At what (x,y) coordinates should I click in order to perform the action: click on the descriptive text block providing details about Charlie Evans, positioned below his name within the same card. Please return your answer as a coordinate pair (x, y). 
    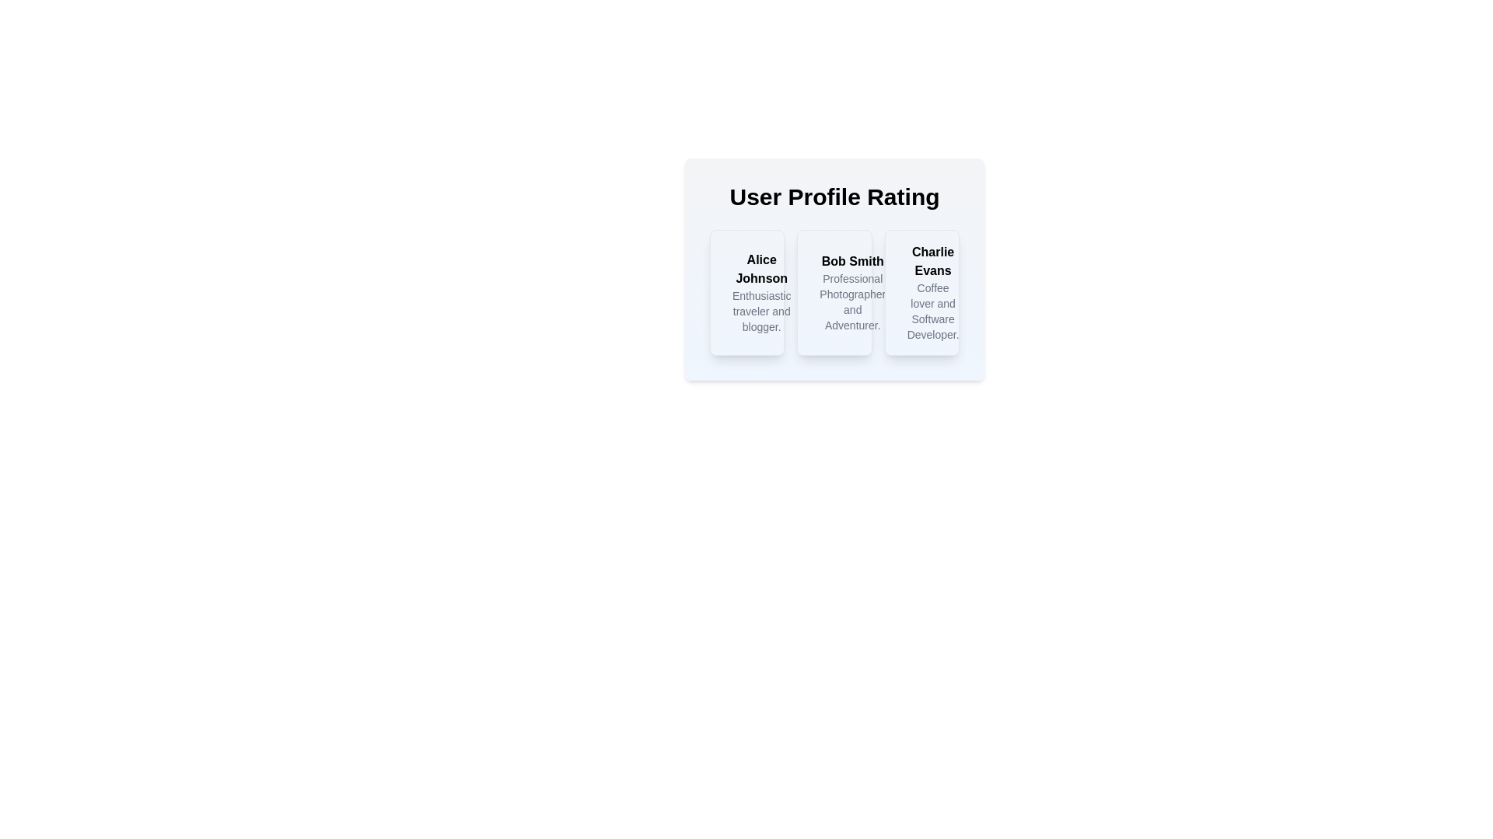
    Looking at the image, I should click on (933, 312).